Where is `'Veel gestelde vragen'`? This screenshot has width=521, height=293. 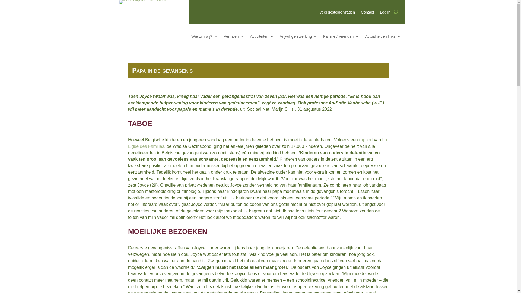 'Veel gestelde vragen' is located at coordinates (337, 13).